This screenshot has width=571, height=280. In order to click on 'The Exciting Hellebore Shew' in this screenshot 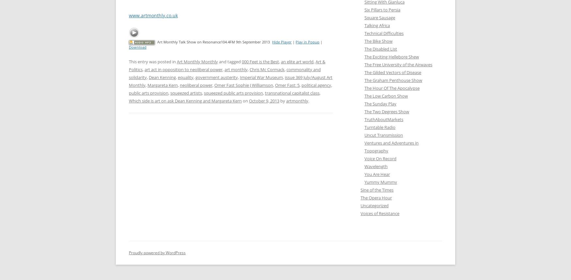, I will do `click(364, 57)`.